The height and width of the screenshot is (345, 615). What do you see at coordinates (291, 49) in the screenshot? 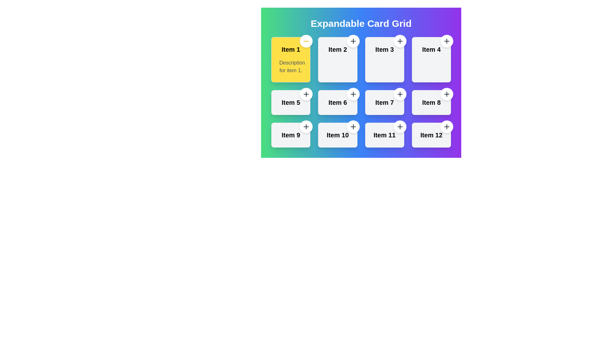
I see `the Text label that serves as a title or identifier for the content associated with the first card in a grid layout` at bounding box center [291, 49].